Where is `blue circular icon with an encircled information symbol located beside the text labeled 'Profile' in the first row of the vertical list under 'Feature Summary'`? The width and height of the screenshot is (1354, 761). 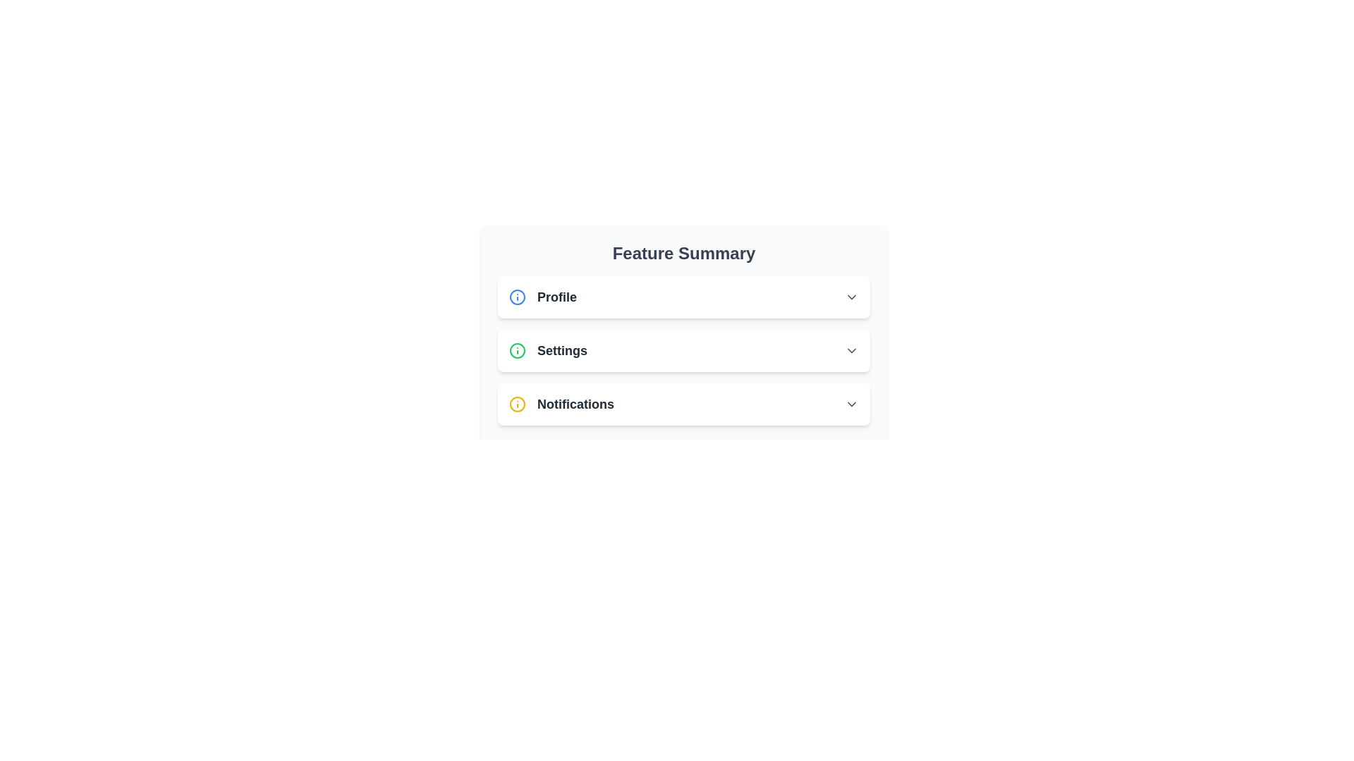 blue circular icon with an encircled information symbol located beside the text labeled 'Profile' in the first row of the vertical list under 'Feature Summary' is located at coordinates (517, 296).